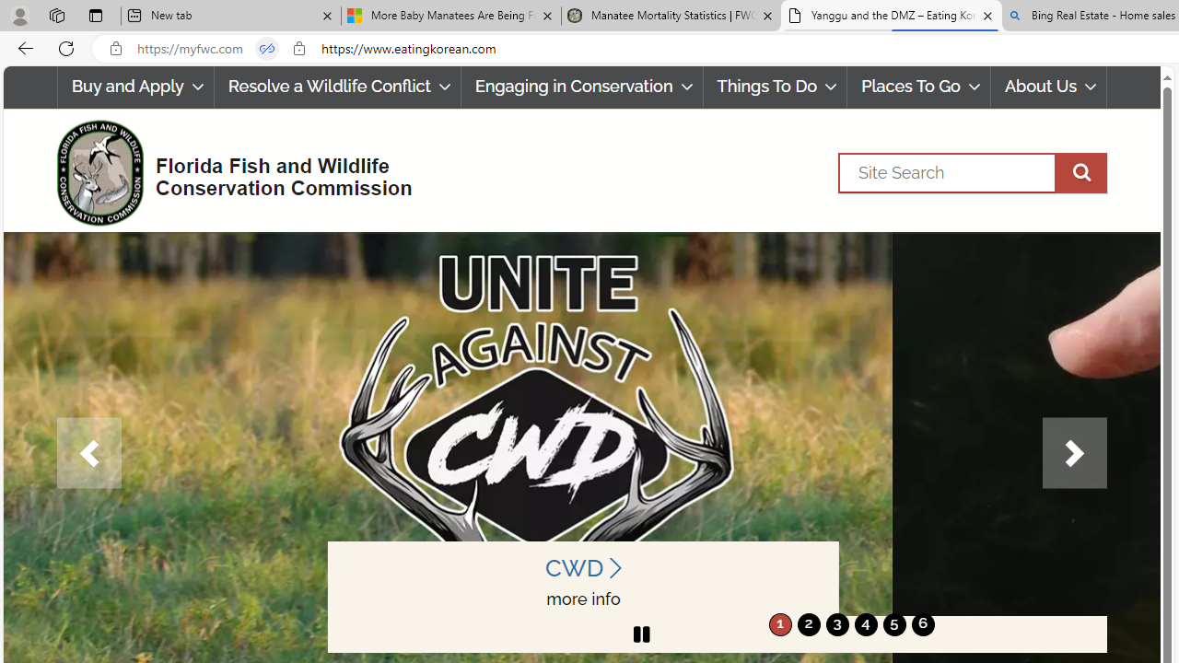 This screenshot has width=1179, height=663. Describe the element at coordinates (780, 623) in the screenshot. I see `'move to slide 1'` at that location.